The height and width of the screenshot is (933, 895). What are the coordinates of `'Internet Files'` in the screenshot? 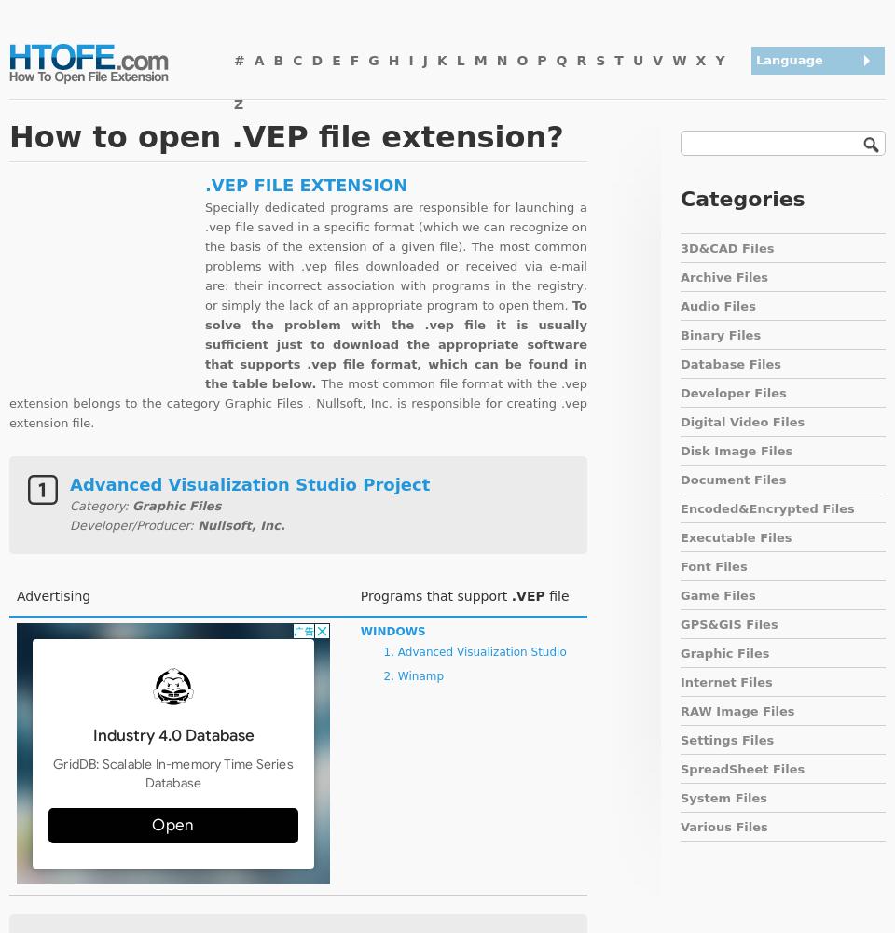 It's located at (725, 681).